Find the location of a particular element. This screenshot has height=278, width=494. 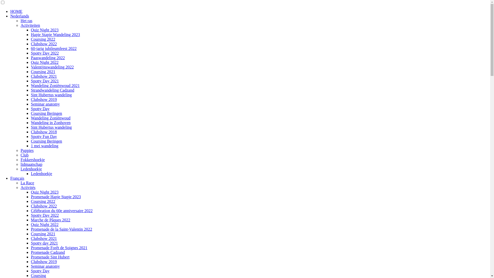

'Spotty Day' is located at coordinates (40, 271).